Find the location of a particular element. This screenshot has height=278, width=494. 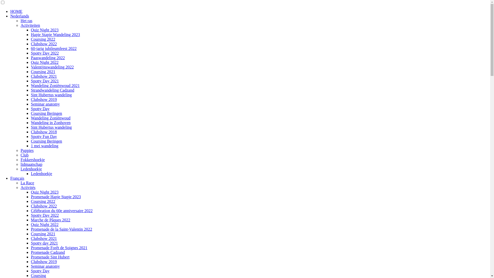

'Spotty Day' is located at coordinates (40, 271).